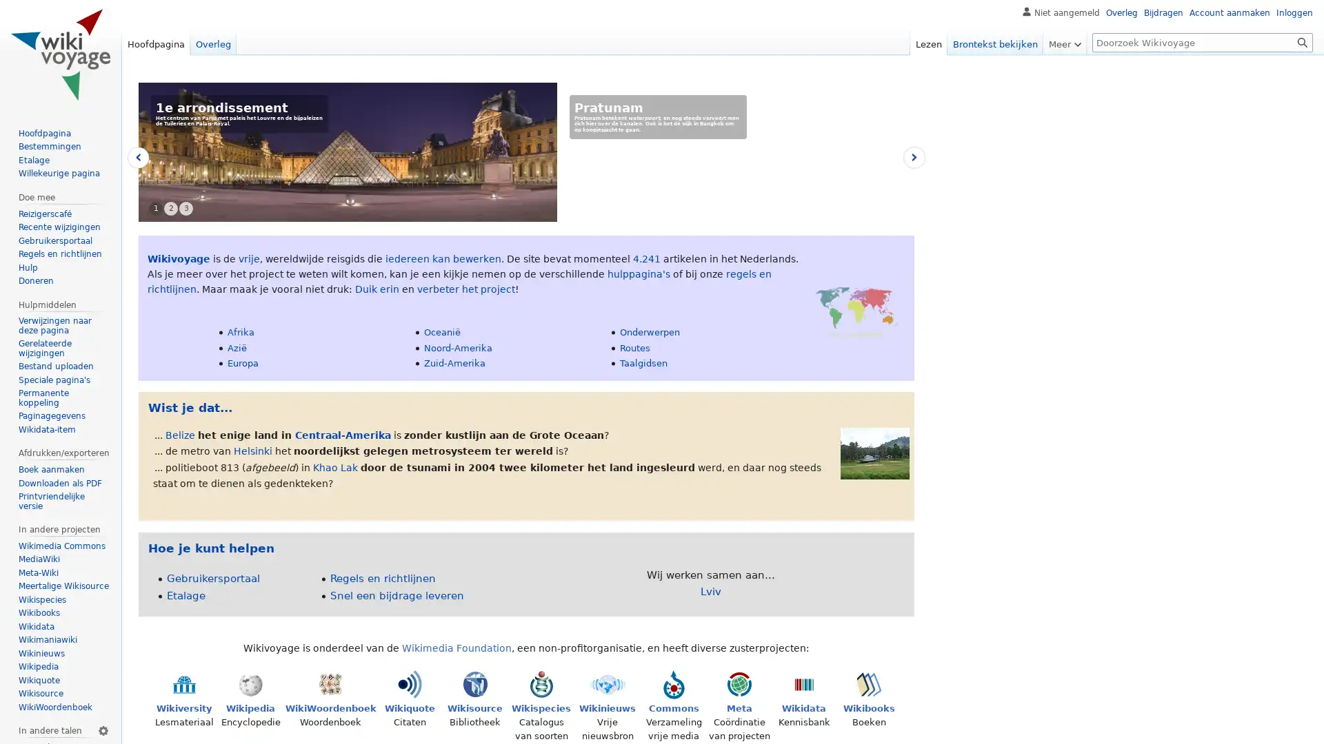 Image resolution: width=1324 pixels, height=744 pixels. I want to click on Taalinstellingen, so click(102, 730).